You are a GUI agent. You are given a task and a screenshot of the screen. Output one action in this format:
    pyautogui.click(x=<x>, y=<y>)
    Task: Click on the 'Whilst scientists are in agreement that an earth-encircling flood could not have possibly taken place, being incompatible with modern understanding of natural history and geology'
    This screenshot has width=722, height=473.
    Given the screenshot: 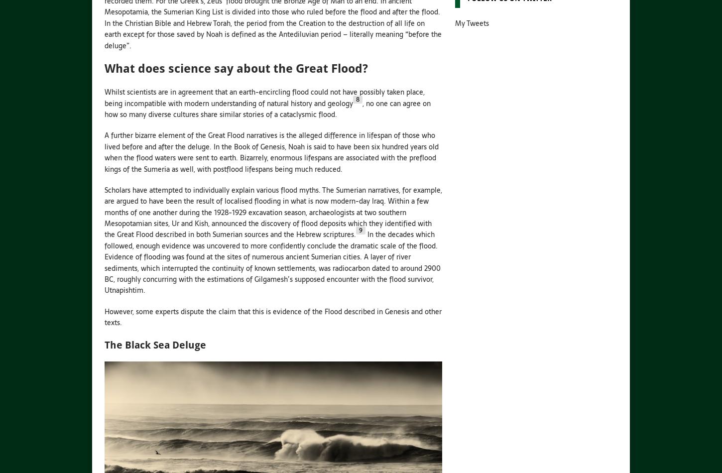 What is the action you would take?
    pyautogui.click(x=264, y=97)
    